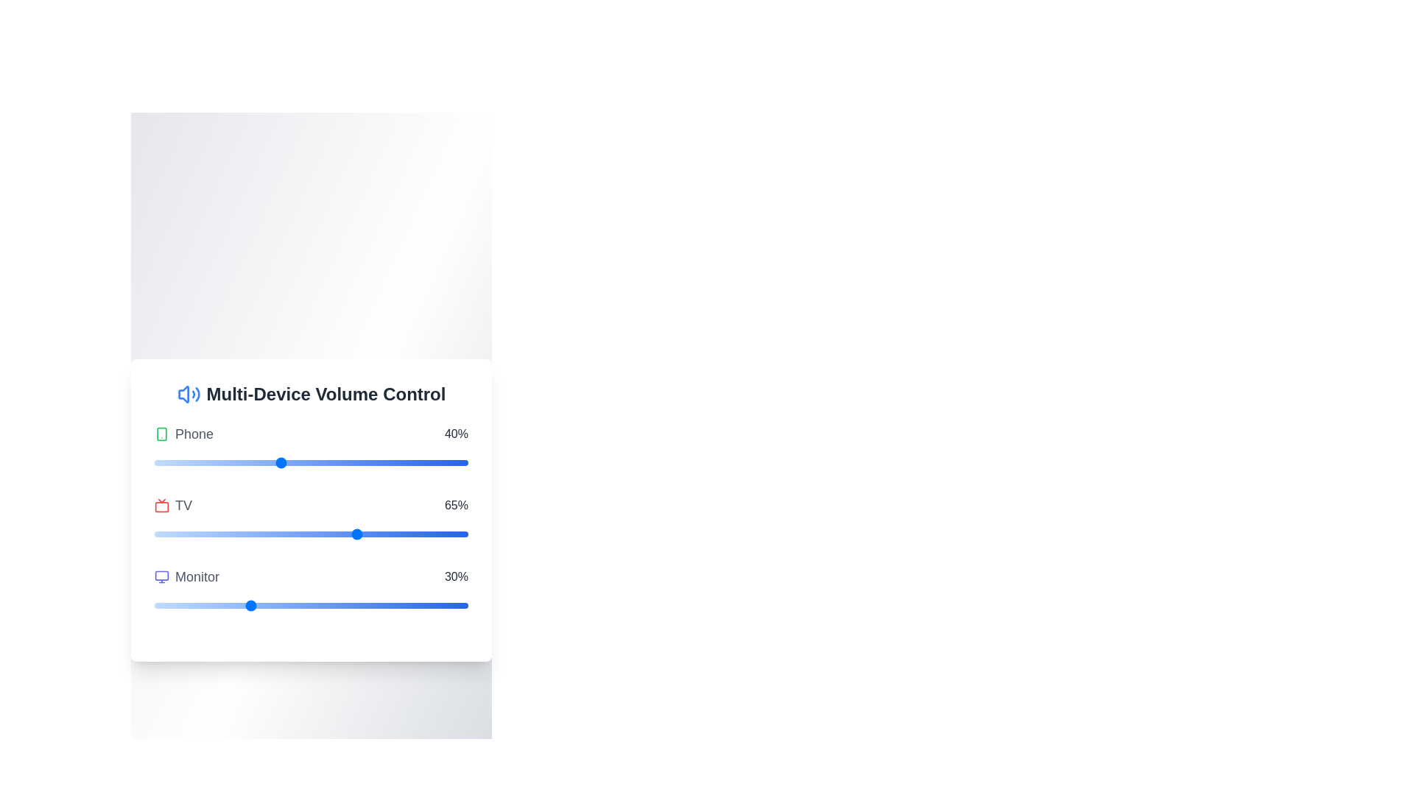 The width and height of the screenshot is (1414, 795). I want to click on the volume for the phone, so click(185, 462).